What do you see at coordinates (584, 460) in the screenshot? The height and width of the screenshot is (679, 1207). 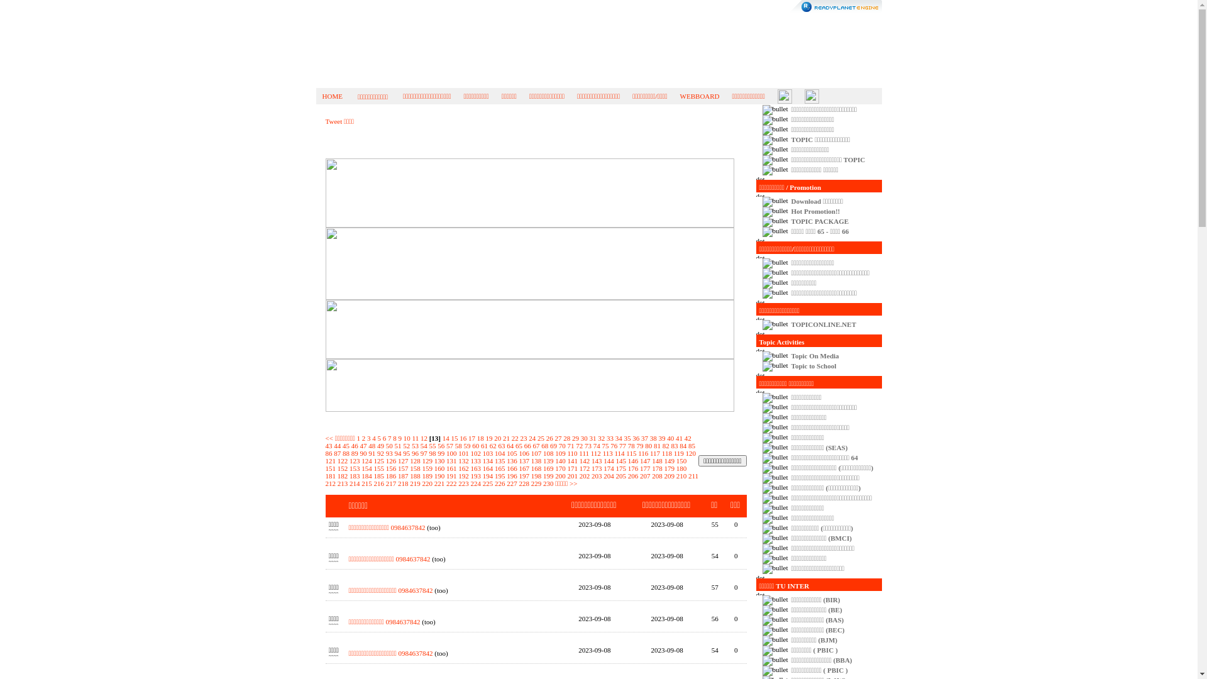 I see `'142'` at bounding box center [584, 460].